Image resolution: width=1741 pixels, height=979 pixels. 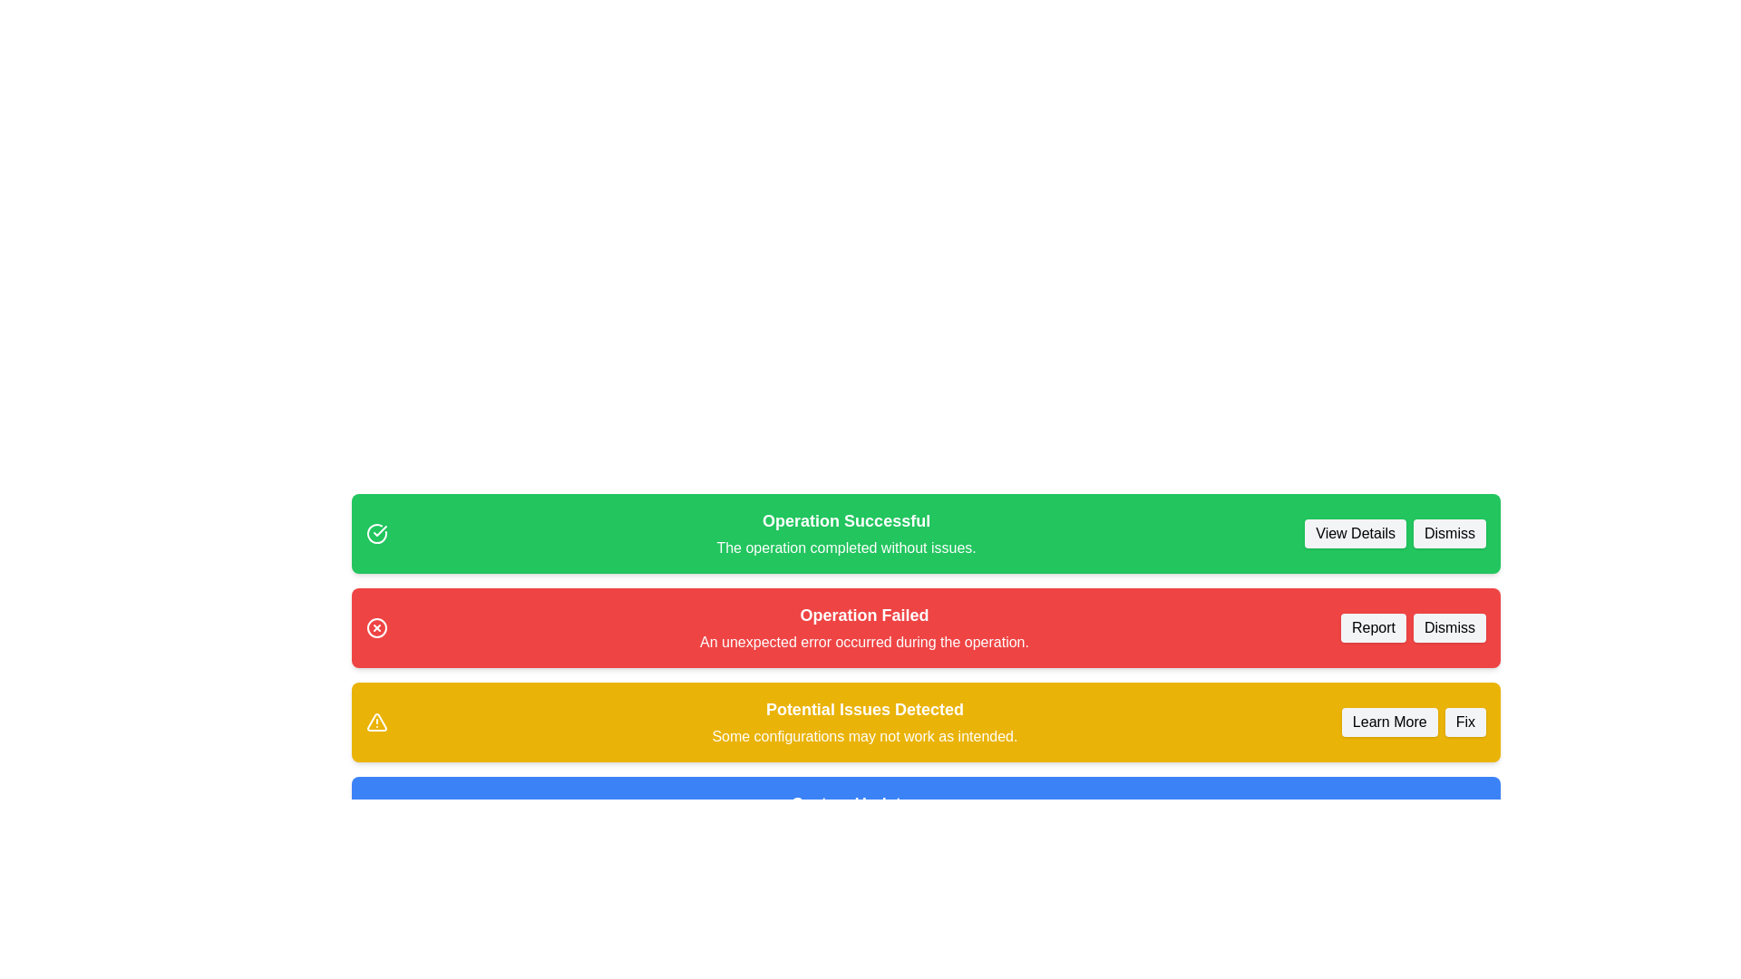 I want to click on the 'View Details' button within the group of interactive buttons located in the green alert box labeled 'Operation Successful', so click(x=1395, y=533).